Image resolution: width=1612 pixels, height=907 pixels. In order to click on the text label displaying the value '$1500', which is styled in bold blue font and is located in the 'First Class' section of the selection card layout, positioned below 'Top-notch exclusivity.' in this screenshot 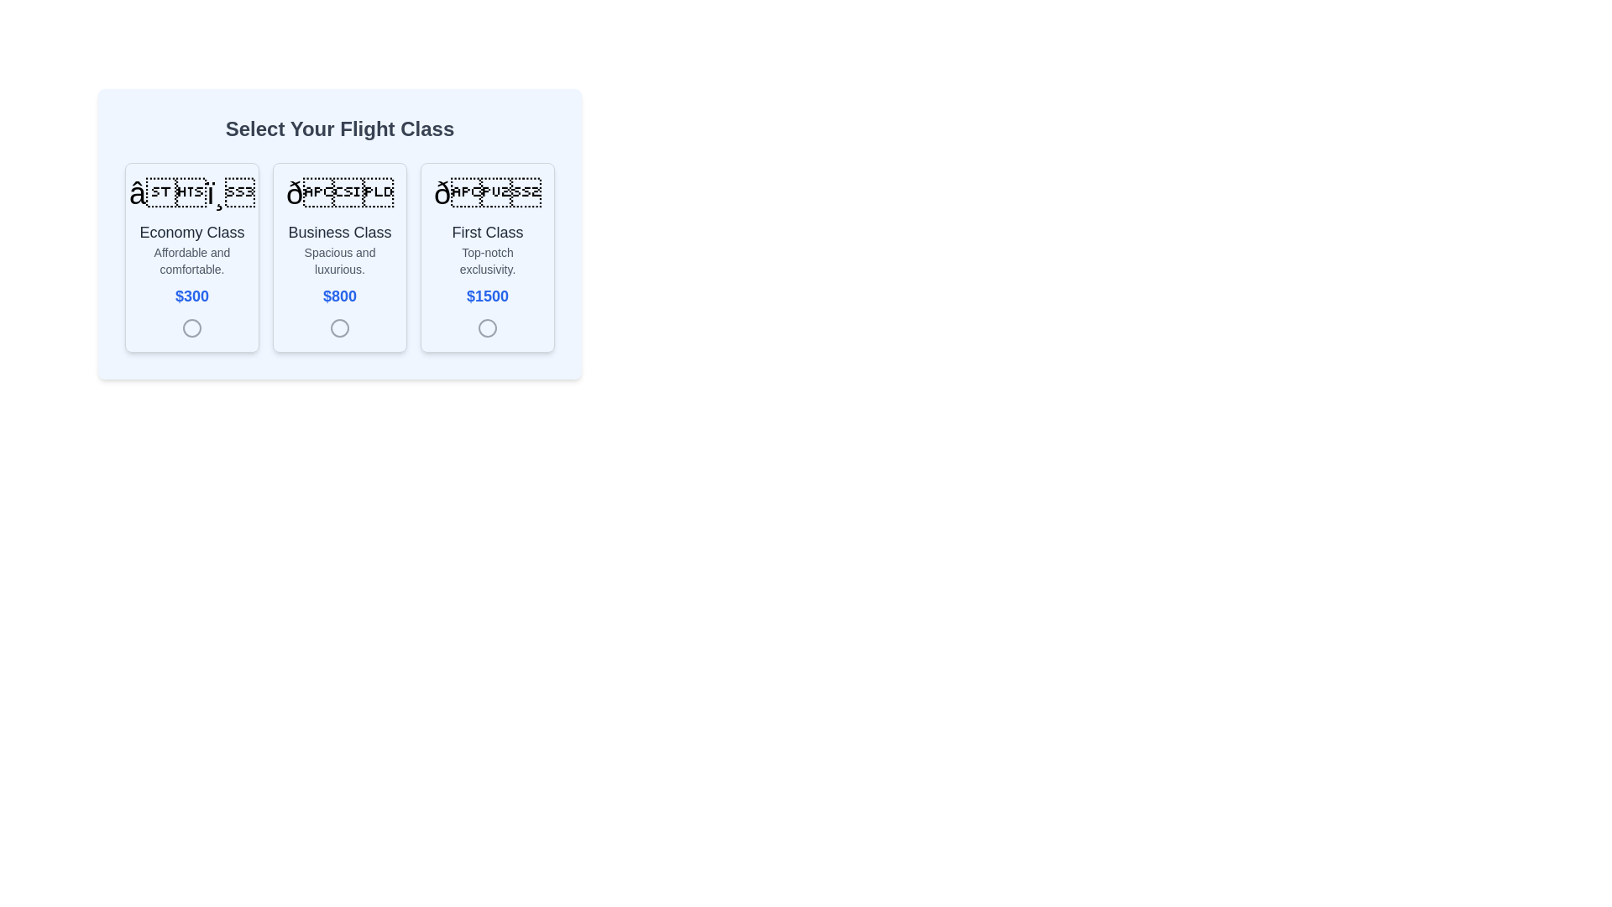, I will do `click(486, 296)`.